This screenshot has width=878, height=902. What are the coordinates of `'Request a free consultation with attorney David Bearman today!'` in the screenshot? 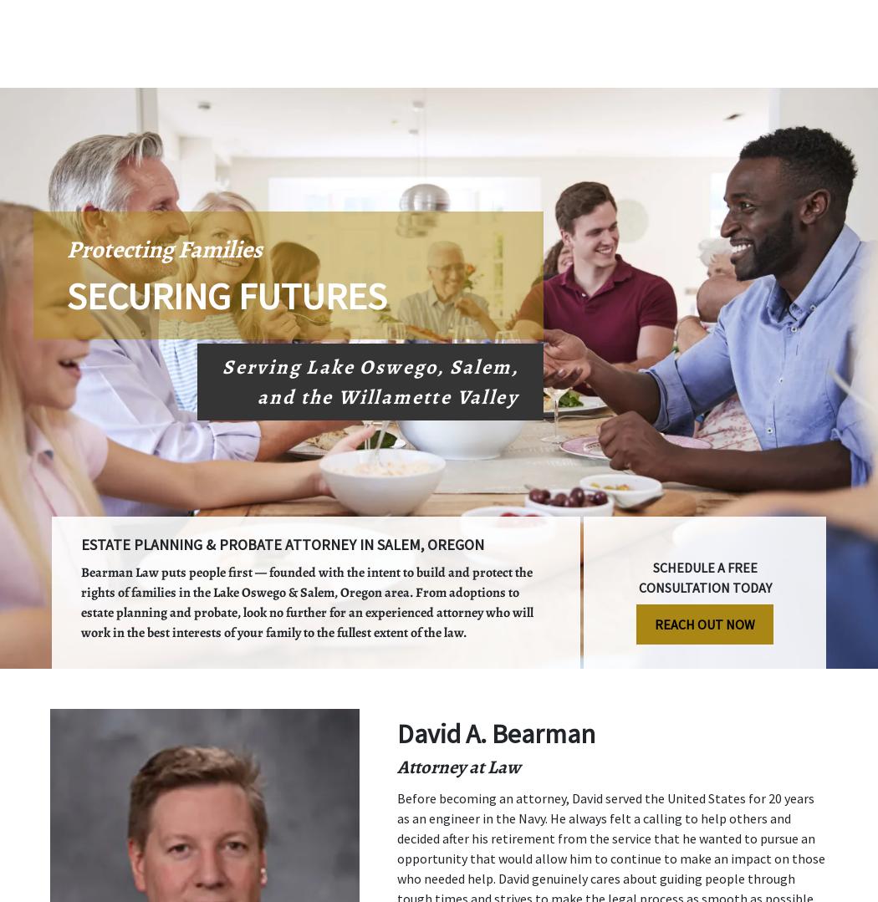 It's located at (378, 352).